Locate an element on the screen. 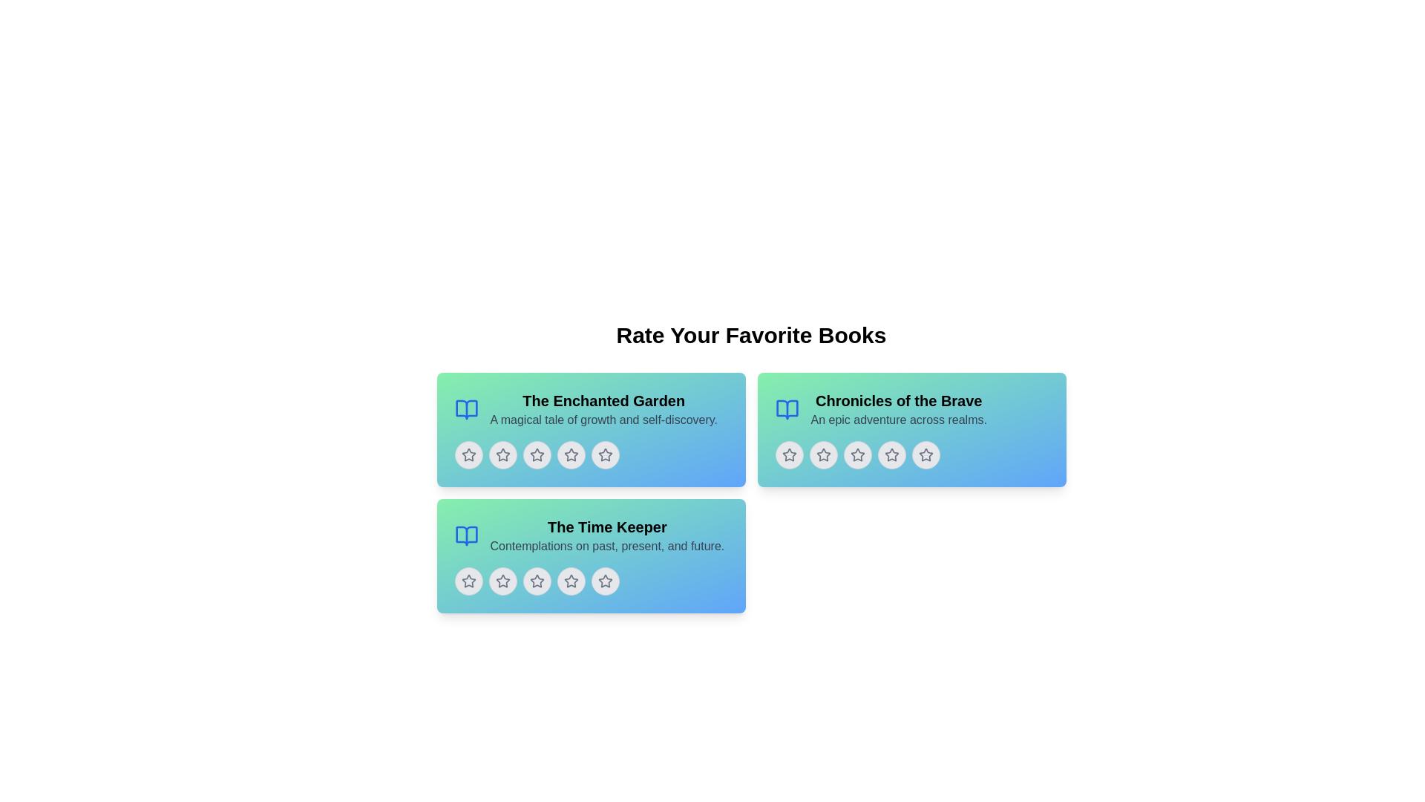 This screenshot has height=802, width=1425. the second star icon from the left in the rating system under the 'Chronicles of the Brave' card for accessibility purposes is located at coordinates (857, 454).